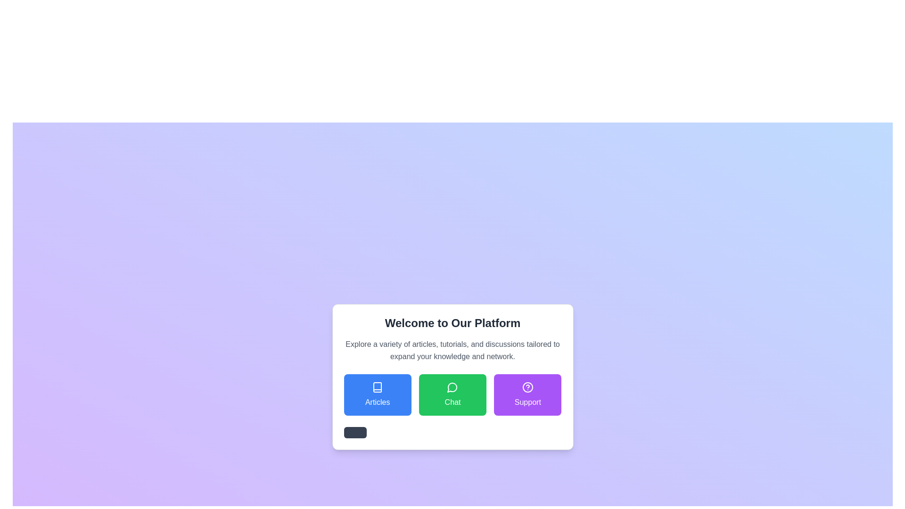 This screenshot has height=509, width=905. I want to click on 'Chat' button label to understand its functionality, which is located inside a green button in the center column of a three-column layout, so click(452, 402).